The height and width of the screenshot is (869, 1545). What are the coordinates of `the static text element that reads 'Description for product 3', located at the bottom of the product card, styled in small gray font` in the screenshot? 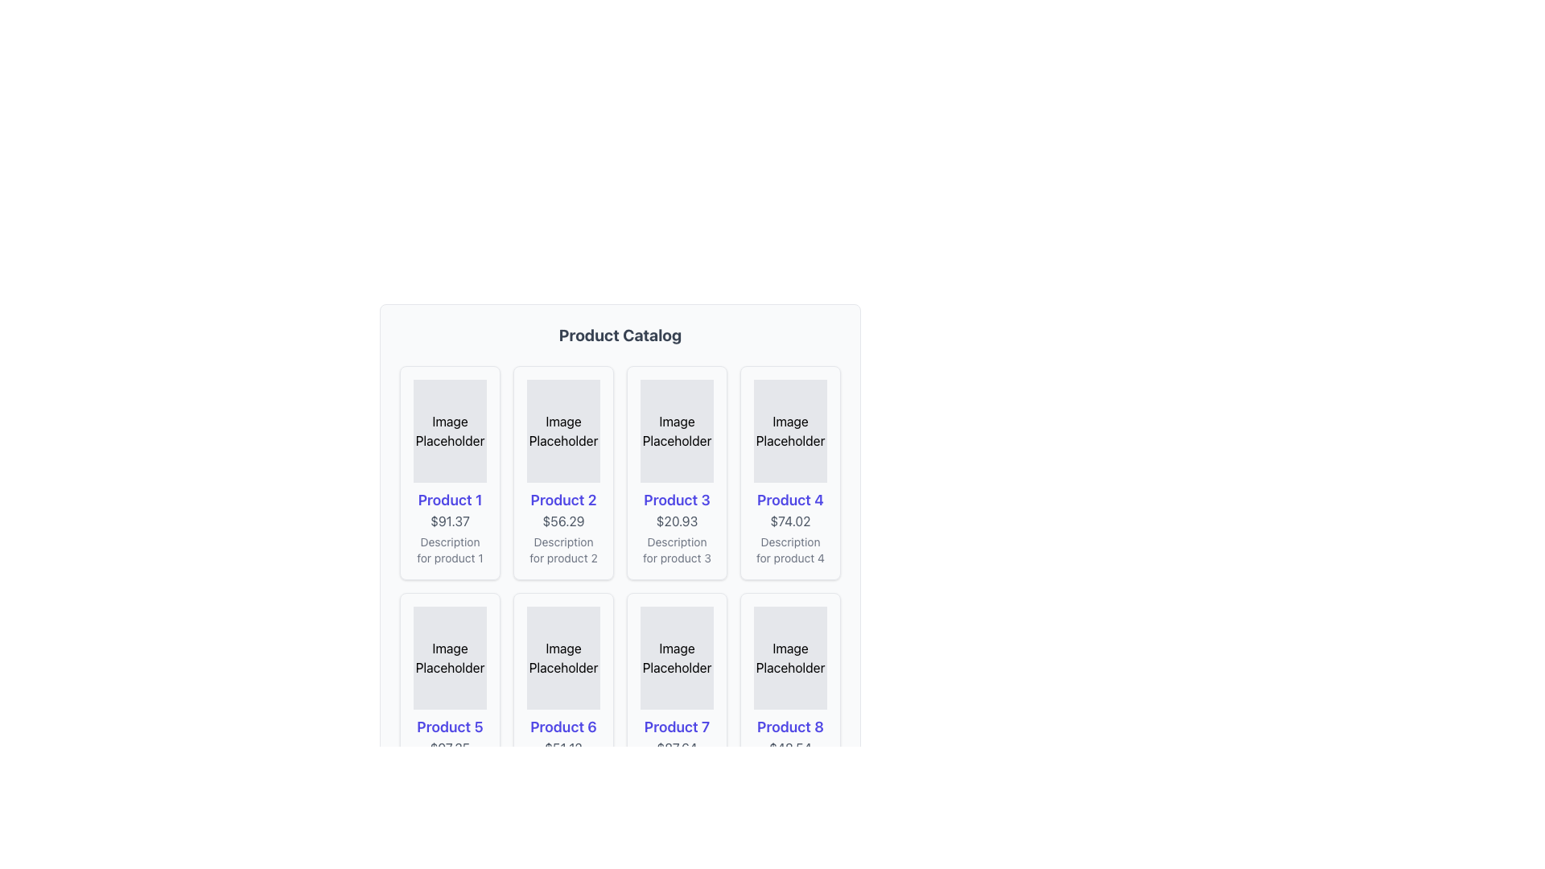 It's located at (677, 549).